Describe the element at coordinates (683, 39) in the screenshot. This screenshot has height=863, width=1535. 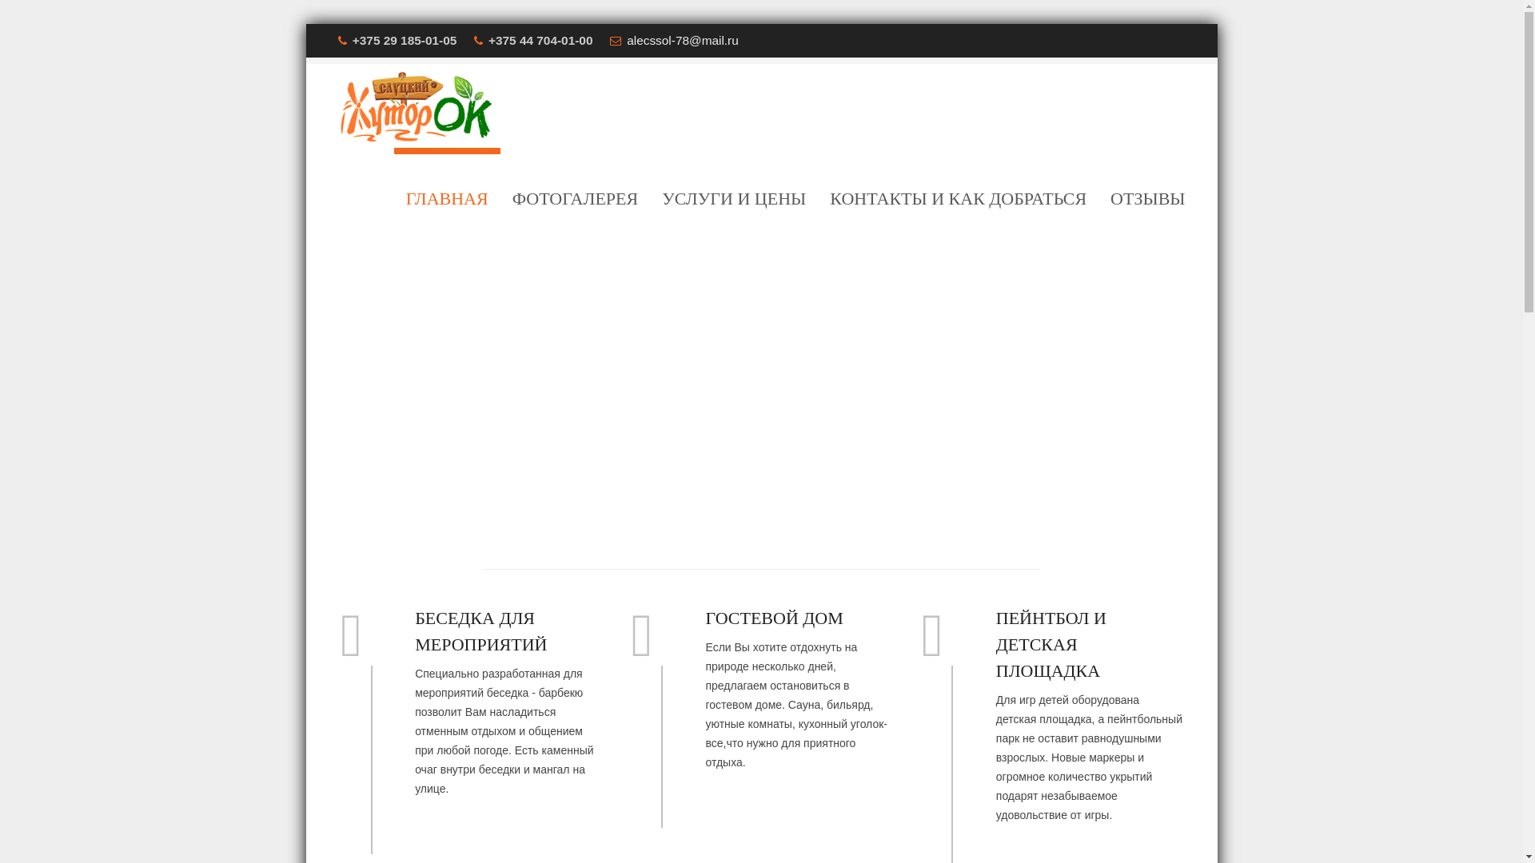
I see `'alecssol-78@mail.ru'` at that location.